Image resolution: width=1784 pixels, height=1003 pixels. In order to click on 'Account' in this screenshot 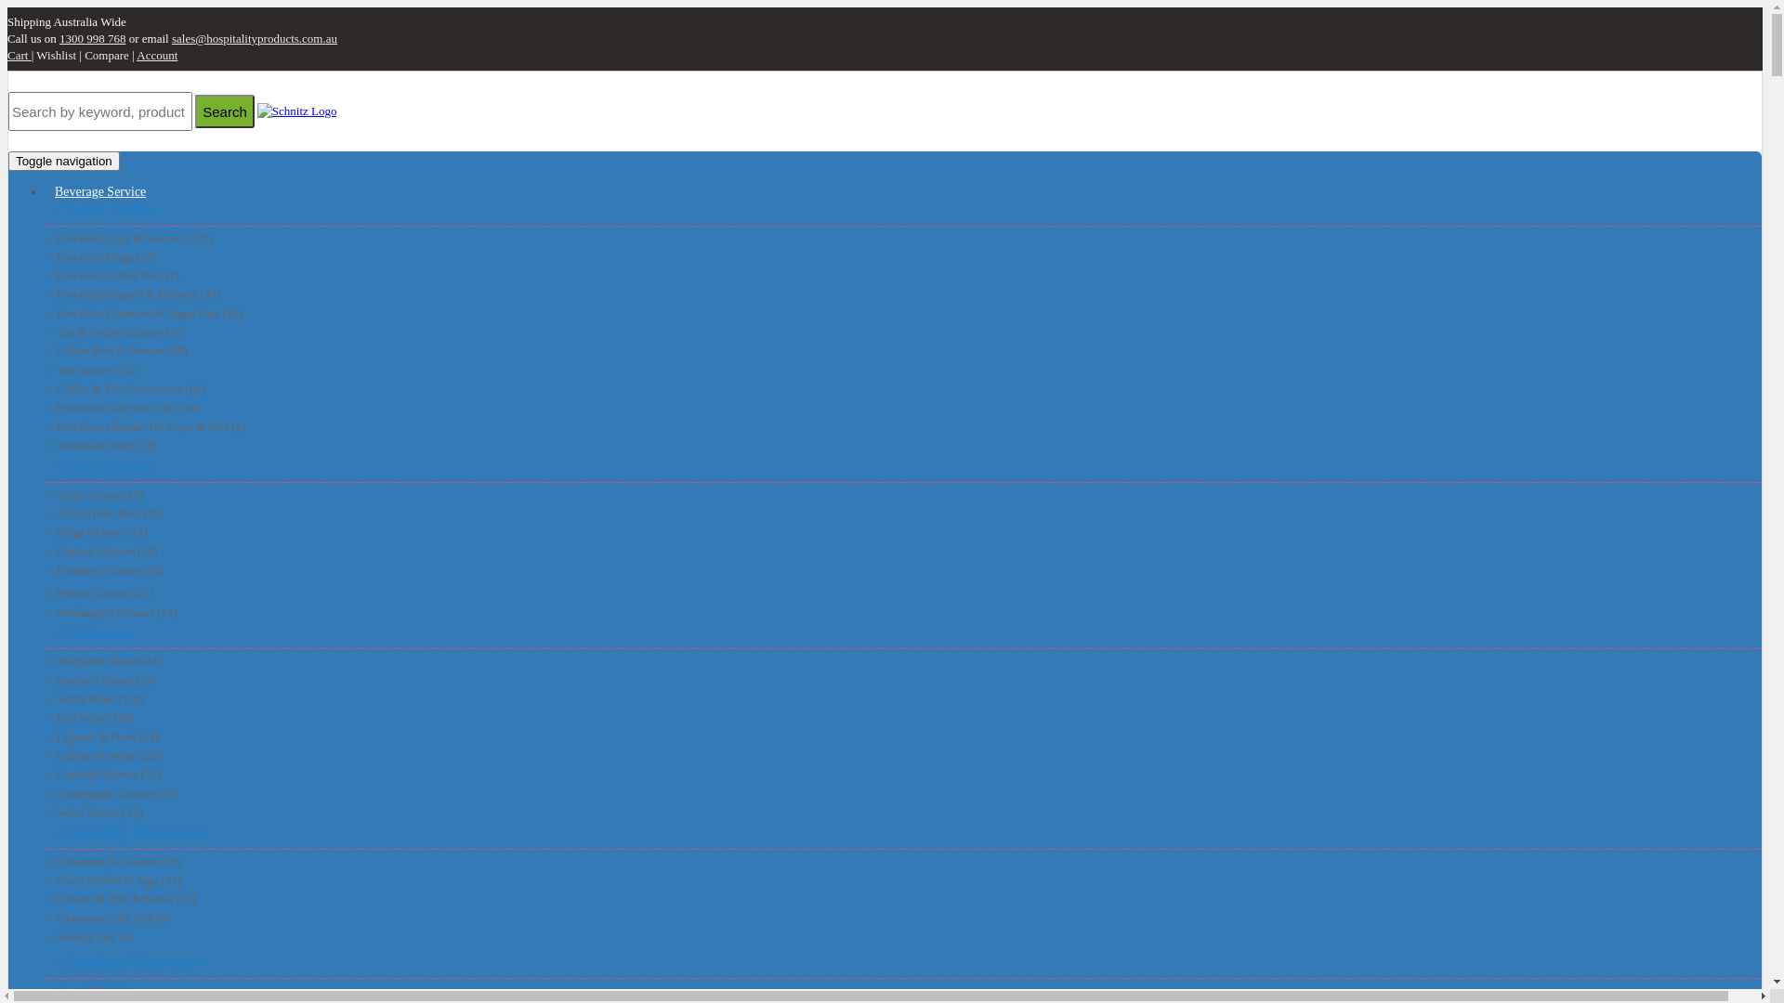, I will do `click(136, 54)`.